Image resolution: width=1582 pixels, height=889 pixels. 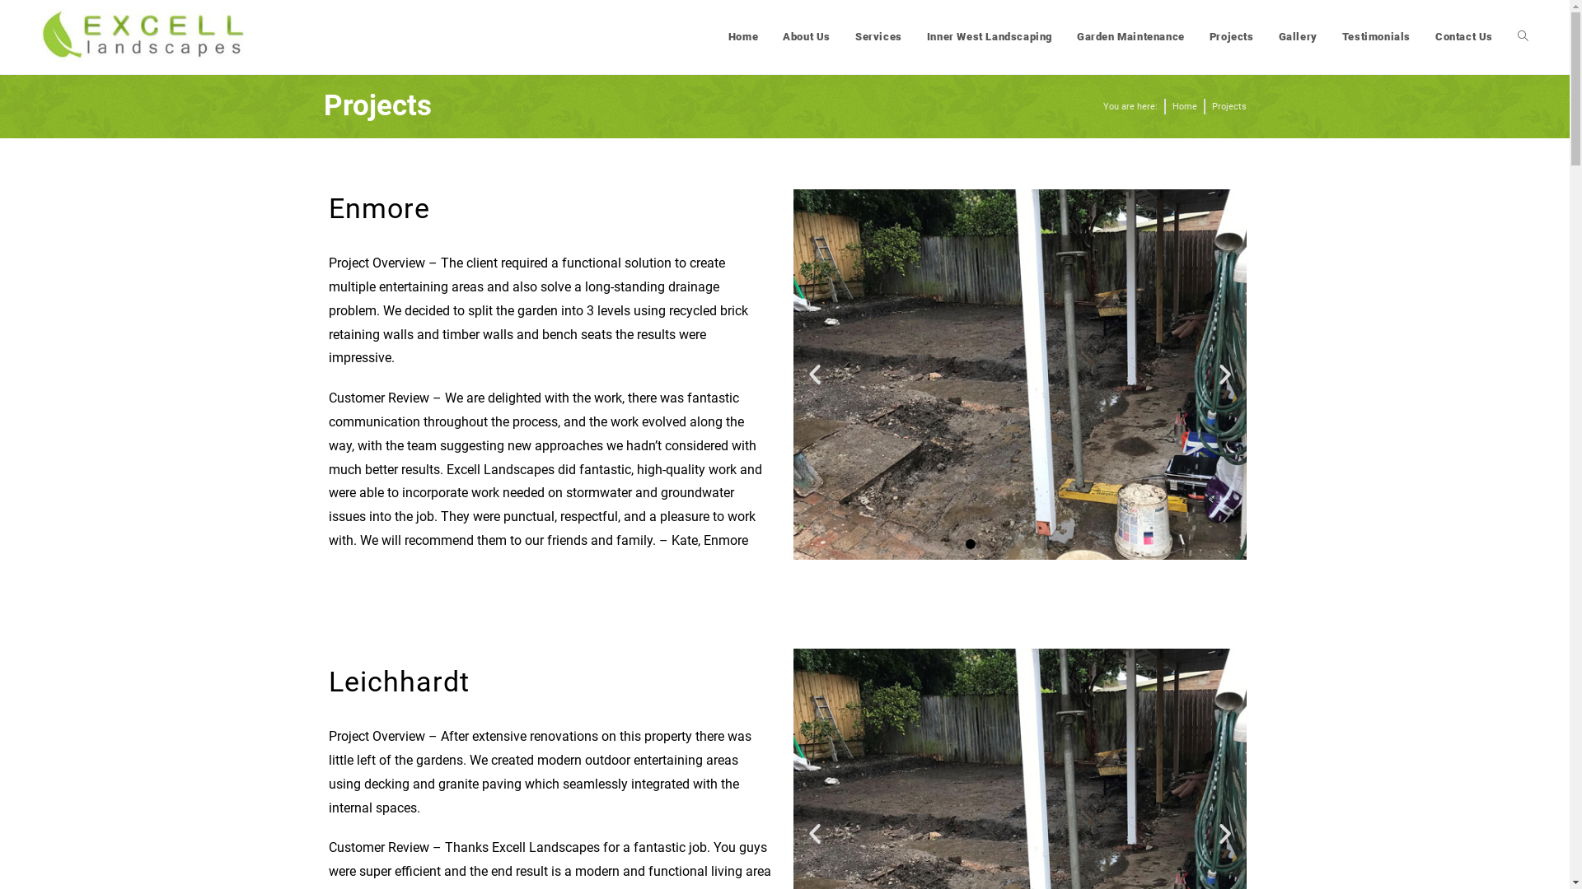 I want to click on 'Home', so click(x=742, y=37).